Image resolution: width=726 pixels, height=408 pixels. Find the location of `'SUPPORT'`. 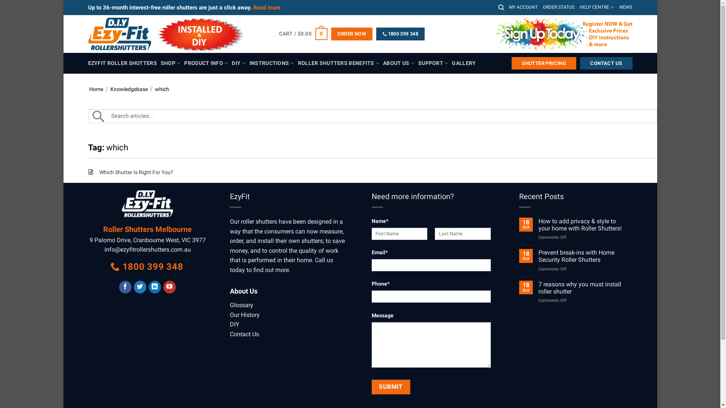

'SUPPORT' is located at coordinates (433, 63).